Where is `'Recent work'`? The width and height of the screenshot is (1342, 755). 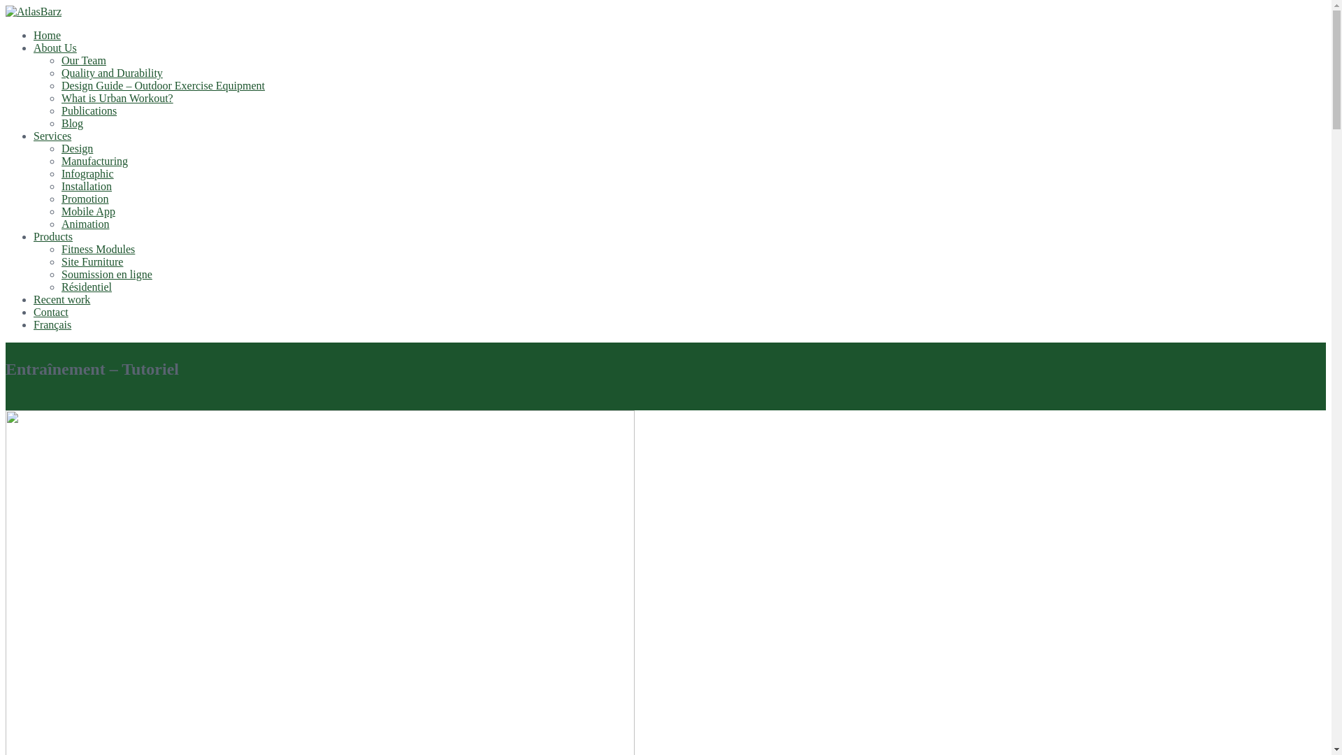
'Recent work' is located at coordinates (61, 299).